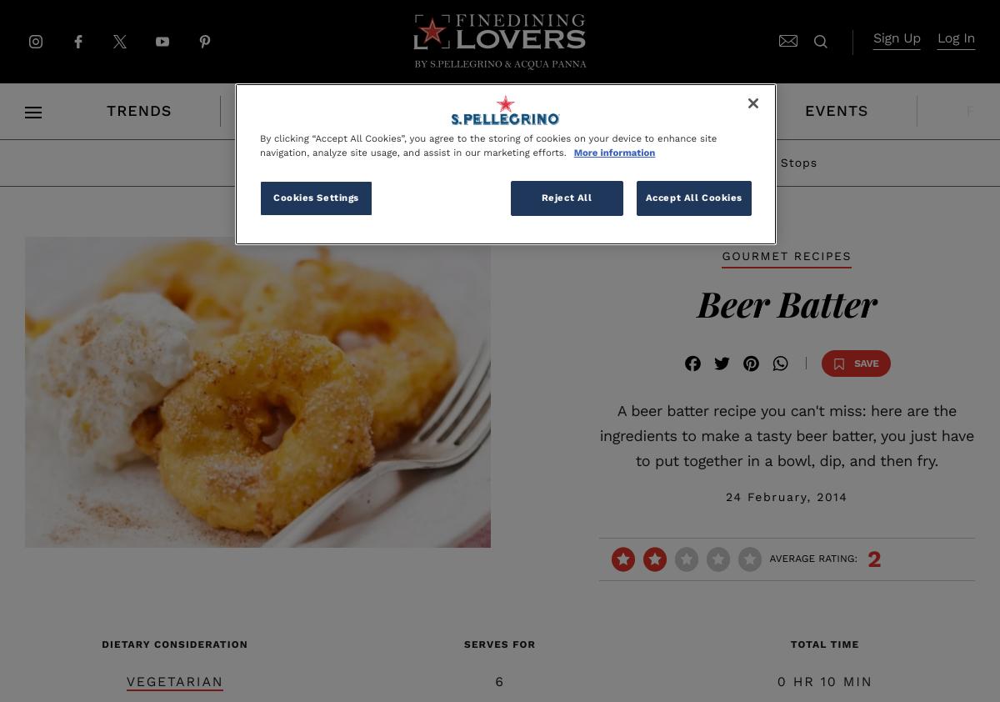 The height and width of the screenshot is (702, 1000). Describe the element at coordinates (459, 110) in the screenshot. I see `'Places'` at that location.